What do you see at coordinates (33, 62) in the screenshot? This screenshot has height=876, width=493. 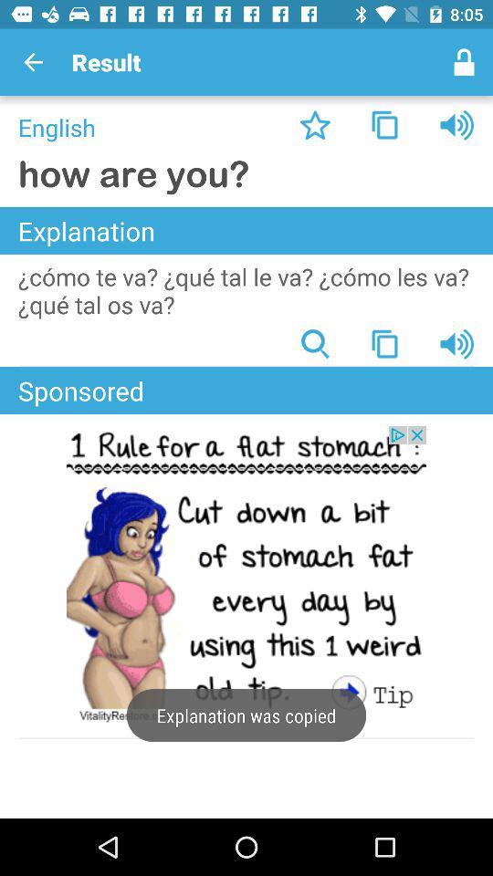 I see `icon above english item` at bounding box center [33, 62].